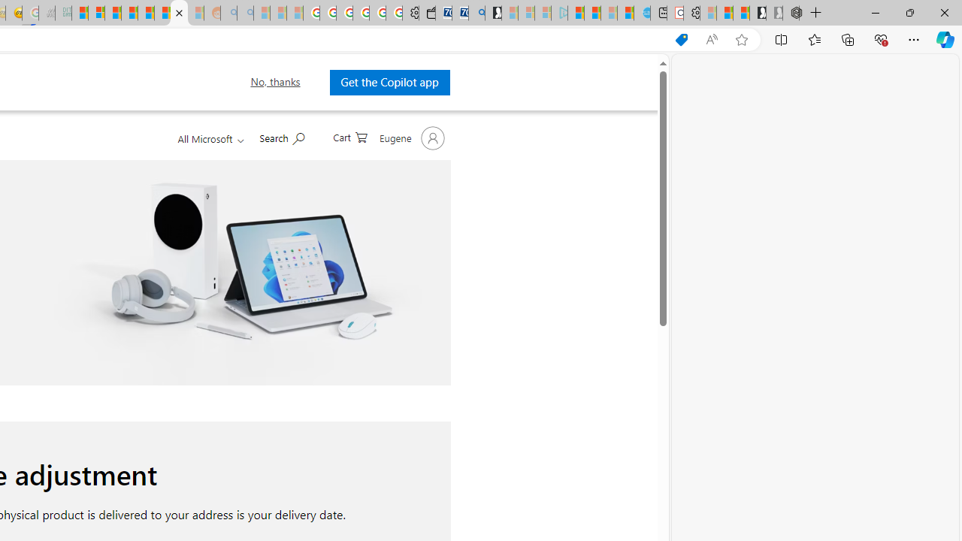 The image size is (962, 541). Describe the element at coordinates (680, 39) in the screenshot. I see `'Shopping in Microsoft Edge'` at that location.